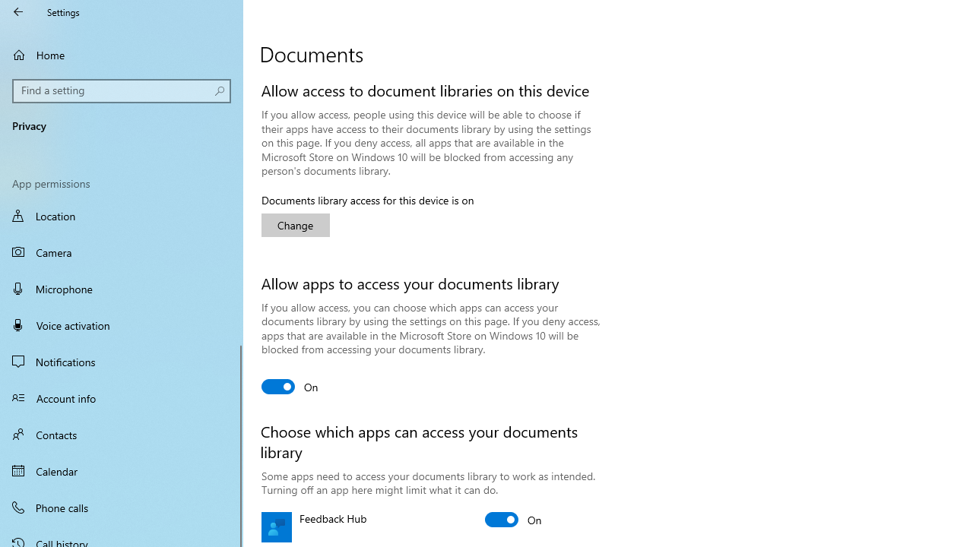 The height and width of the screenshot is (547, 973). Describe the element at coordinates (122, 288) in the screenshot. I see `'Microphone'` at that location.